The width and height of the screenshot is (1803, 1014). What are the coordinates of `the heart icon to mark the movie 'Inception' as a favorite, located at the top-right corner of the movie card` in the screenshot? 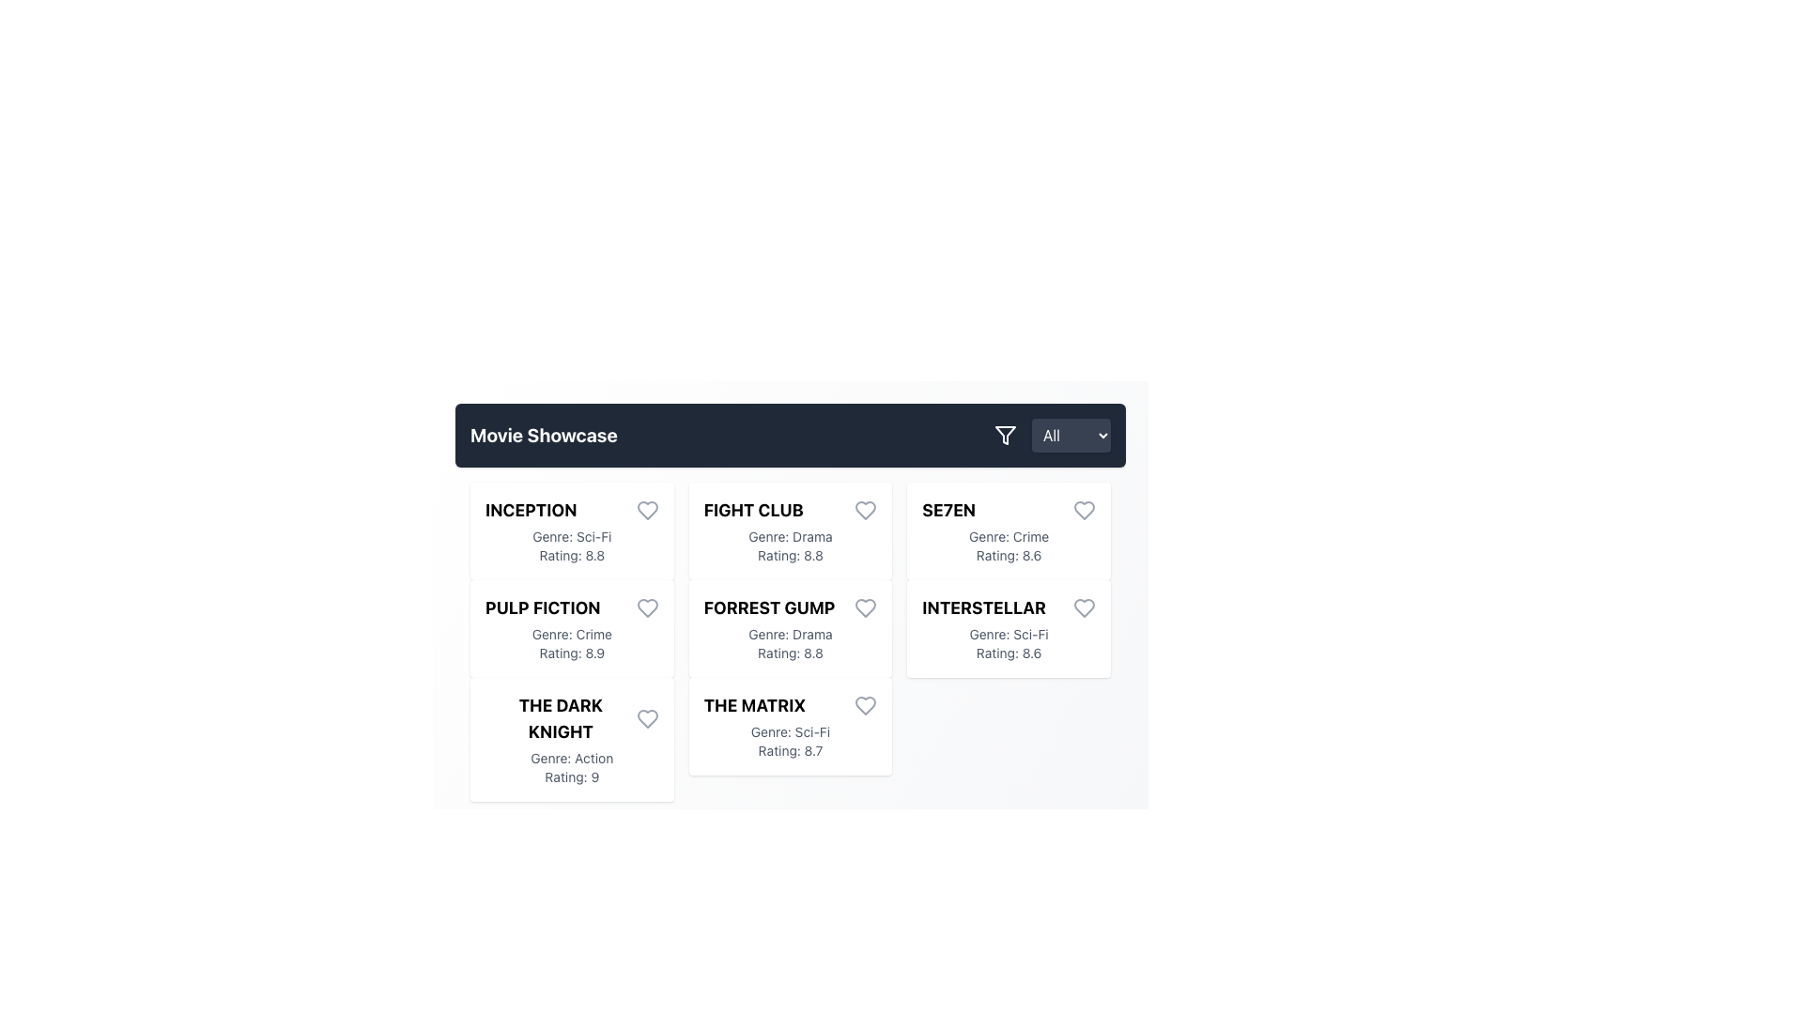 It's located at (647, 510).